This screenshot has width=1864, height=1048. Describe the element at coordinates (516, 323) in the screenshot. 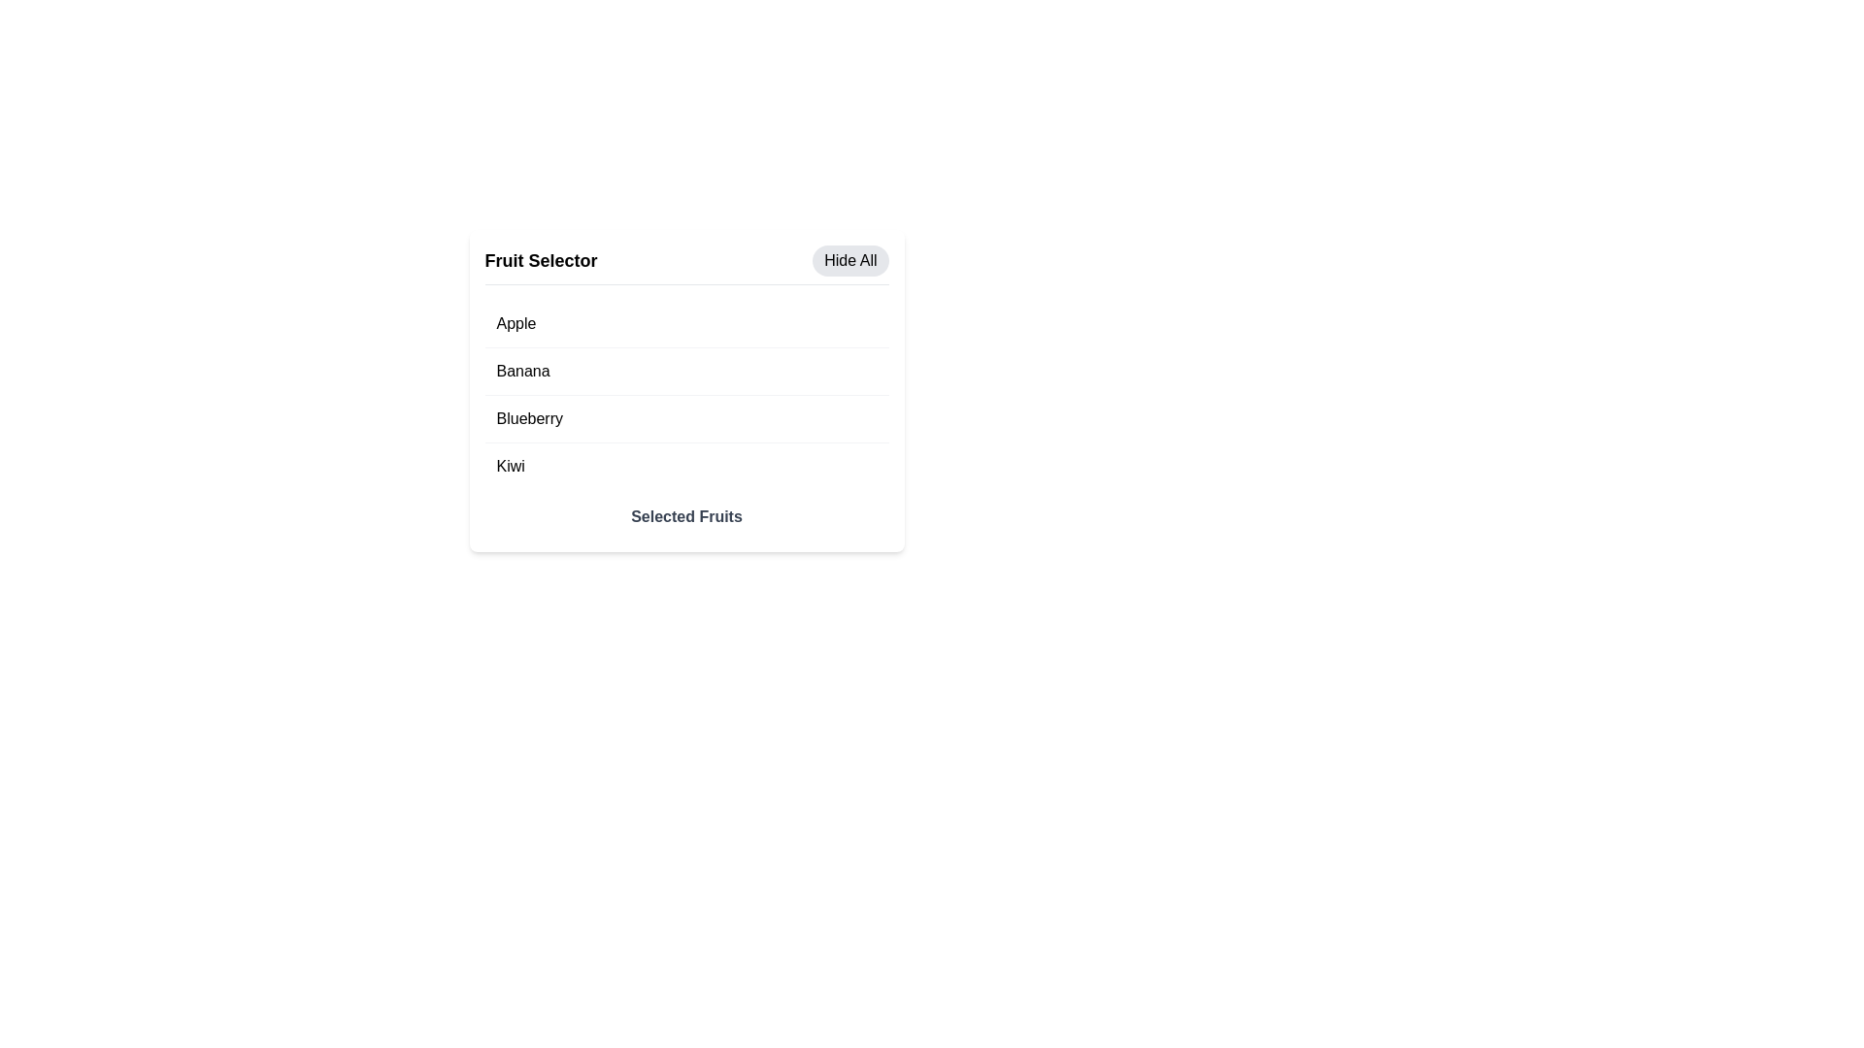

I see `the text label for the fruit 'Apple', which is the first item in the list under the 'Fruit Selector' heading` at that location.